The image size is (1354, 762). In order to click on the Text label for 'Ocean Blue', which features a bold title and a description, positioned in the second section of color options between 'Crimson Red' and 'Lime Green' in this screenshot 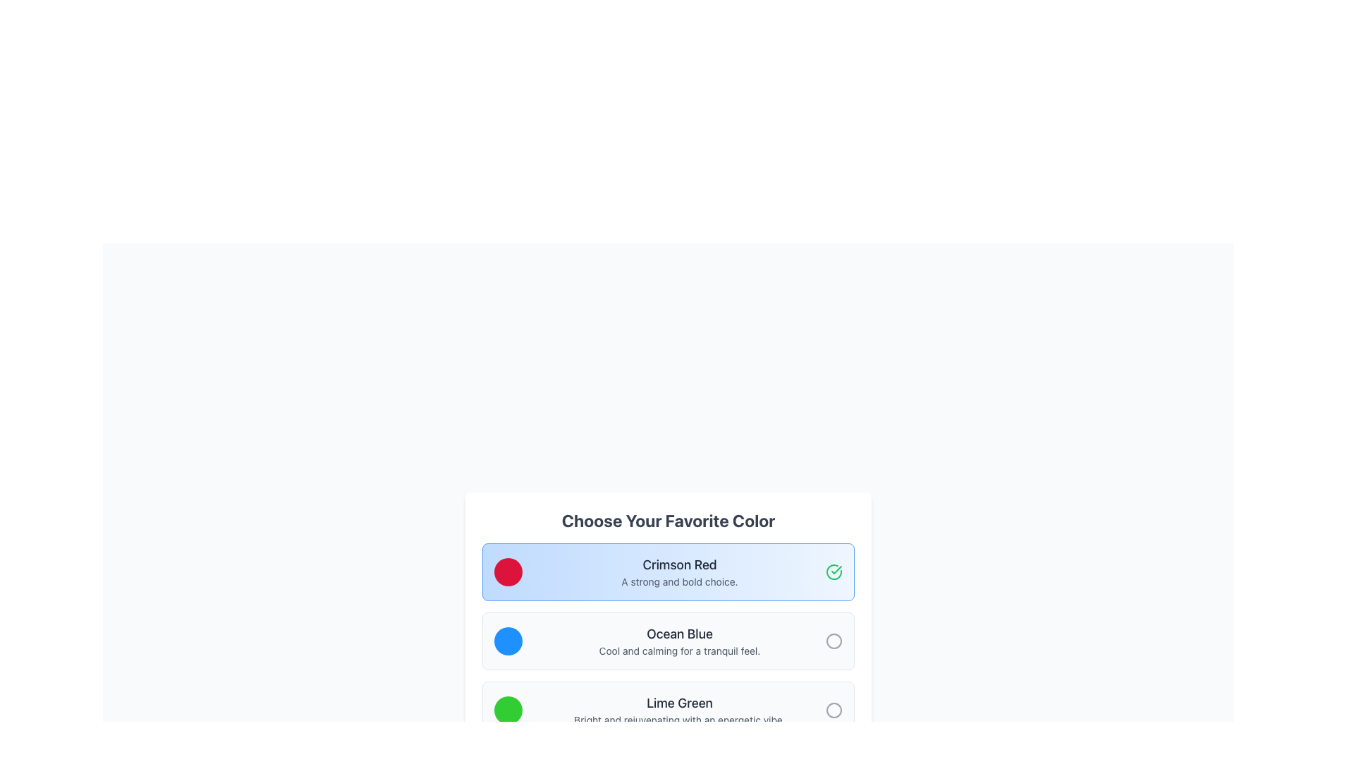, I will do `click(680, 641)`.